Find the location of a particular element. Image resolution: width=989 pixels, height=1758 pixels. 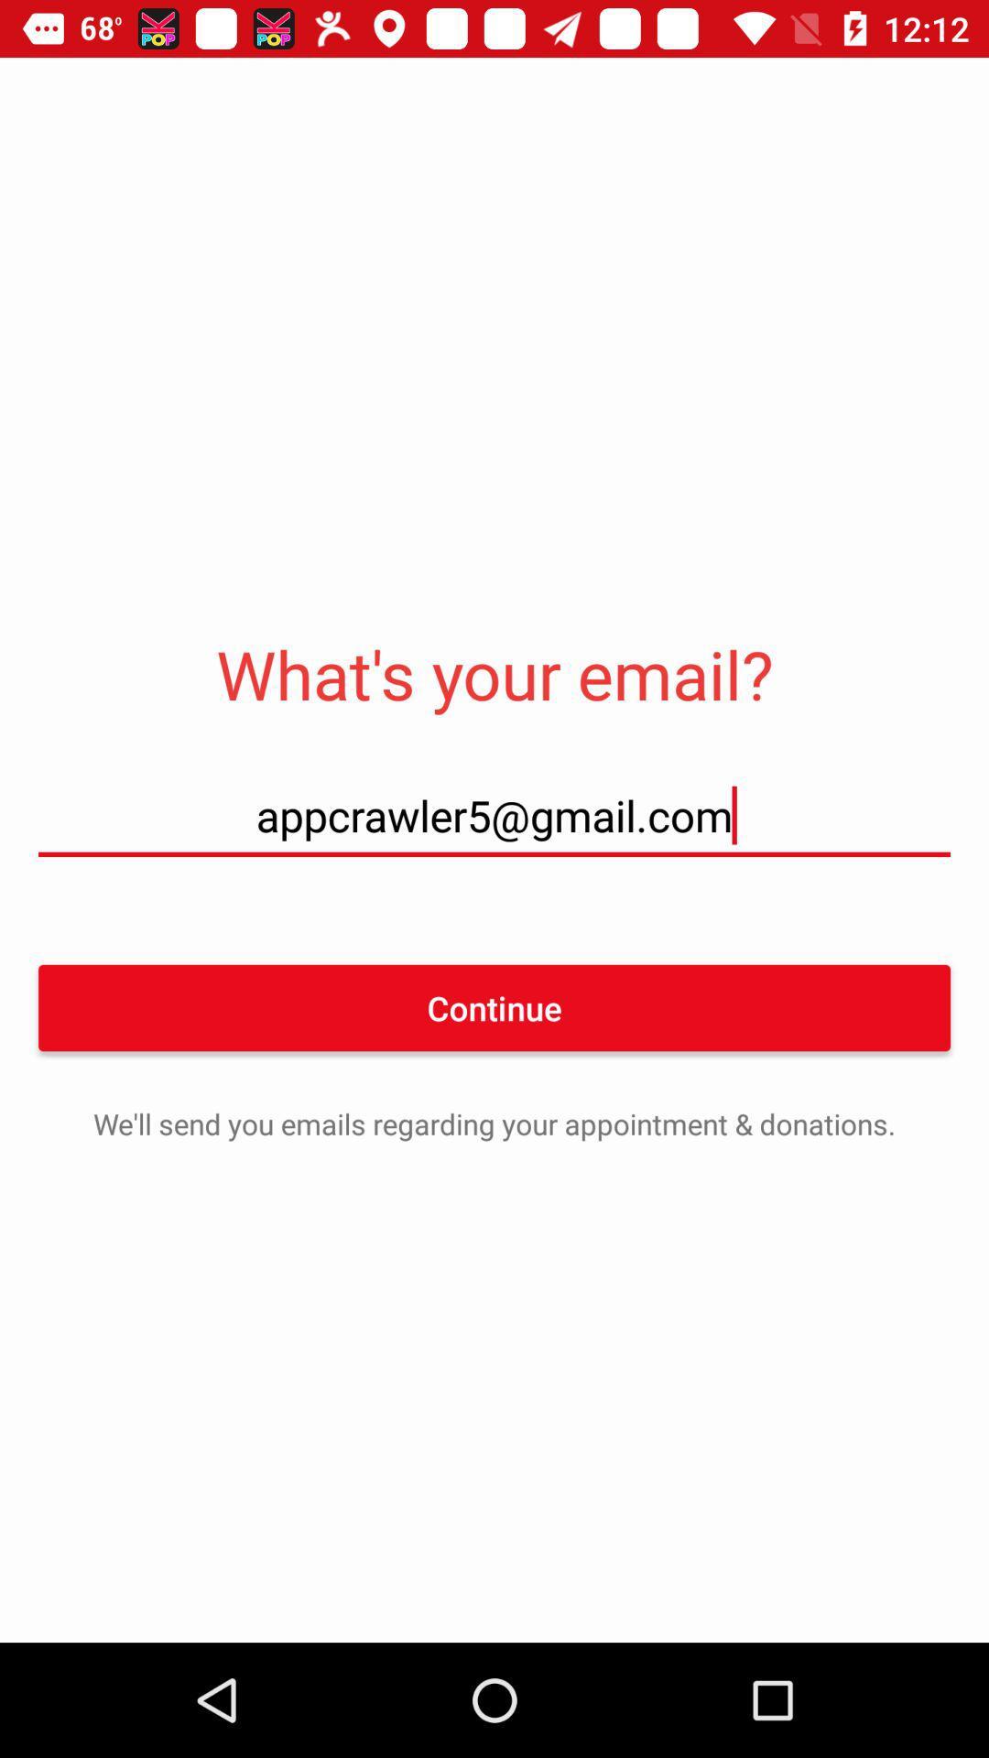

the icon below appcrawler5@gmail.com is located at coordinates (494, 1006).